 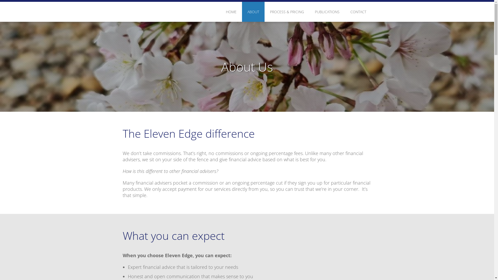 What do you see at coordinates (241, 12) in the screenshot?
I see `'ABOUT'` at bounding box center [241, 12].